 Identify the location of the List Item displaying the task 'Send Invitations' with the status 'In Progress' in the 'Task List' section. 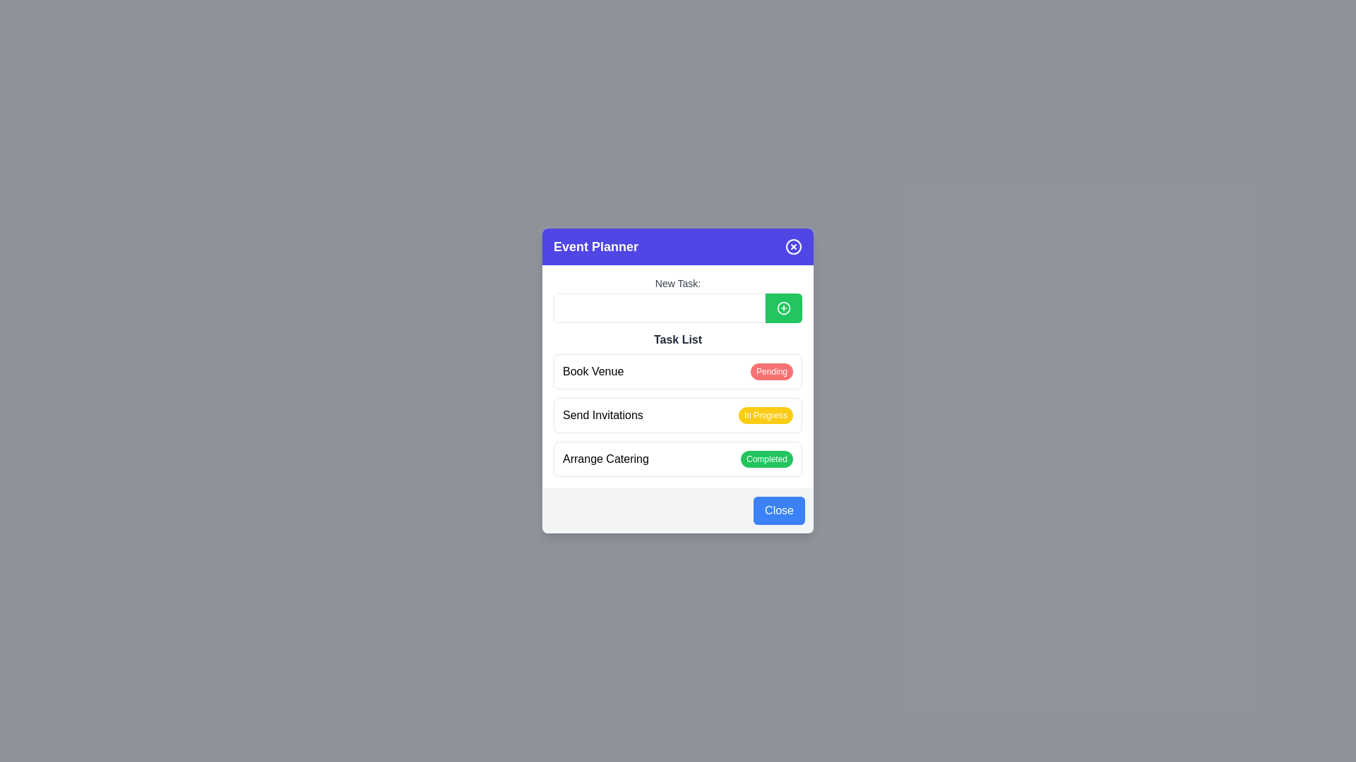
(678, 415).